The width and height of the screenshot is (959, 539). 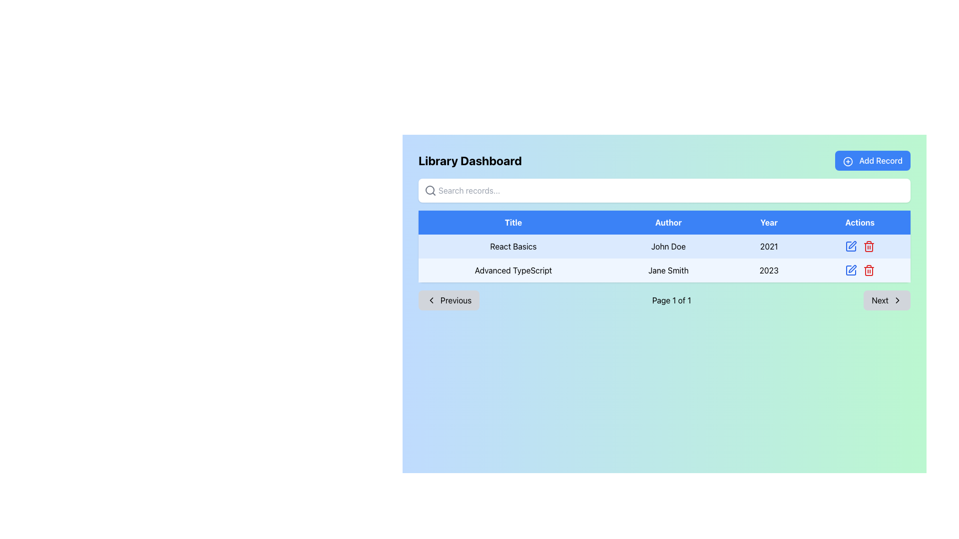 I want to click on headers of the data table located at the top of the table with four equally divided sections, so click(x=664, y=222).